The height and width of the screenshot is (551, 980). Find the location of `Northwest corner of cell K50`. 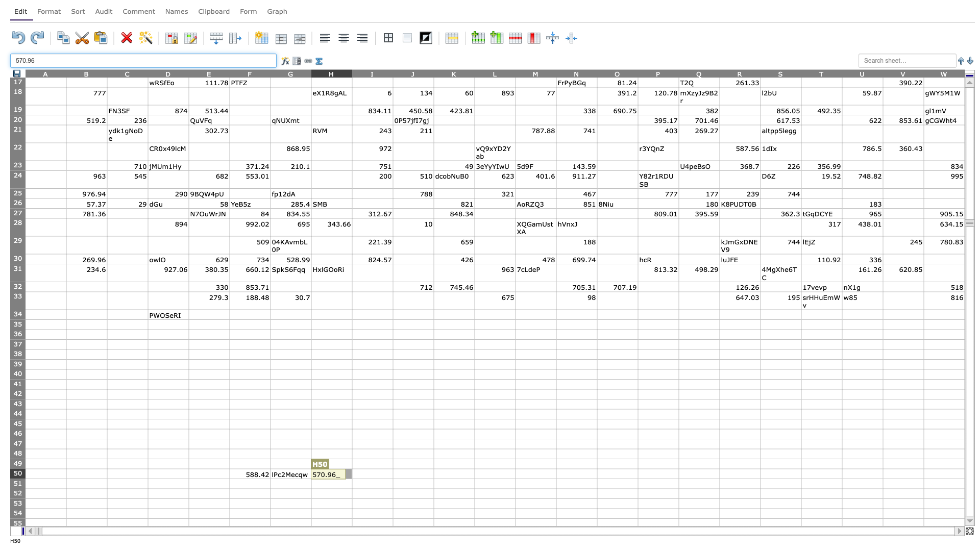

Northwest corner of cell K50 is located at coordinates (433, 468).